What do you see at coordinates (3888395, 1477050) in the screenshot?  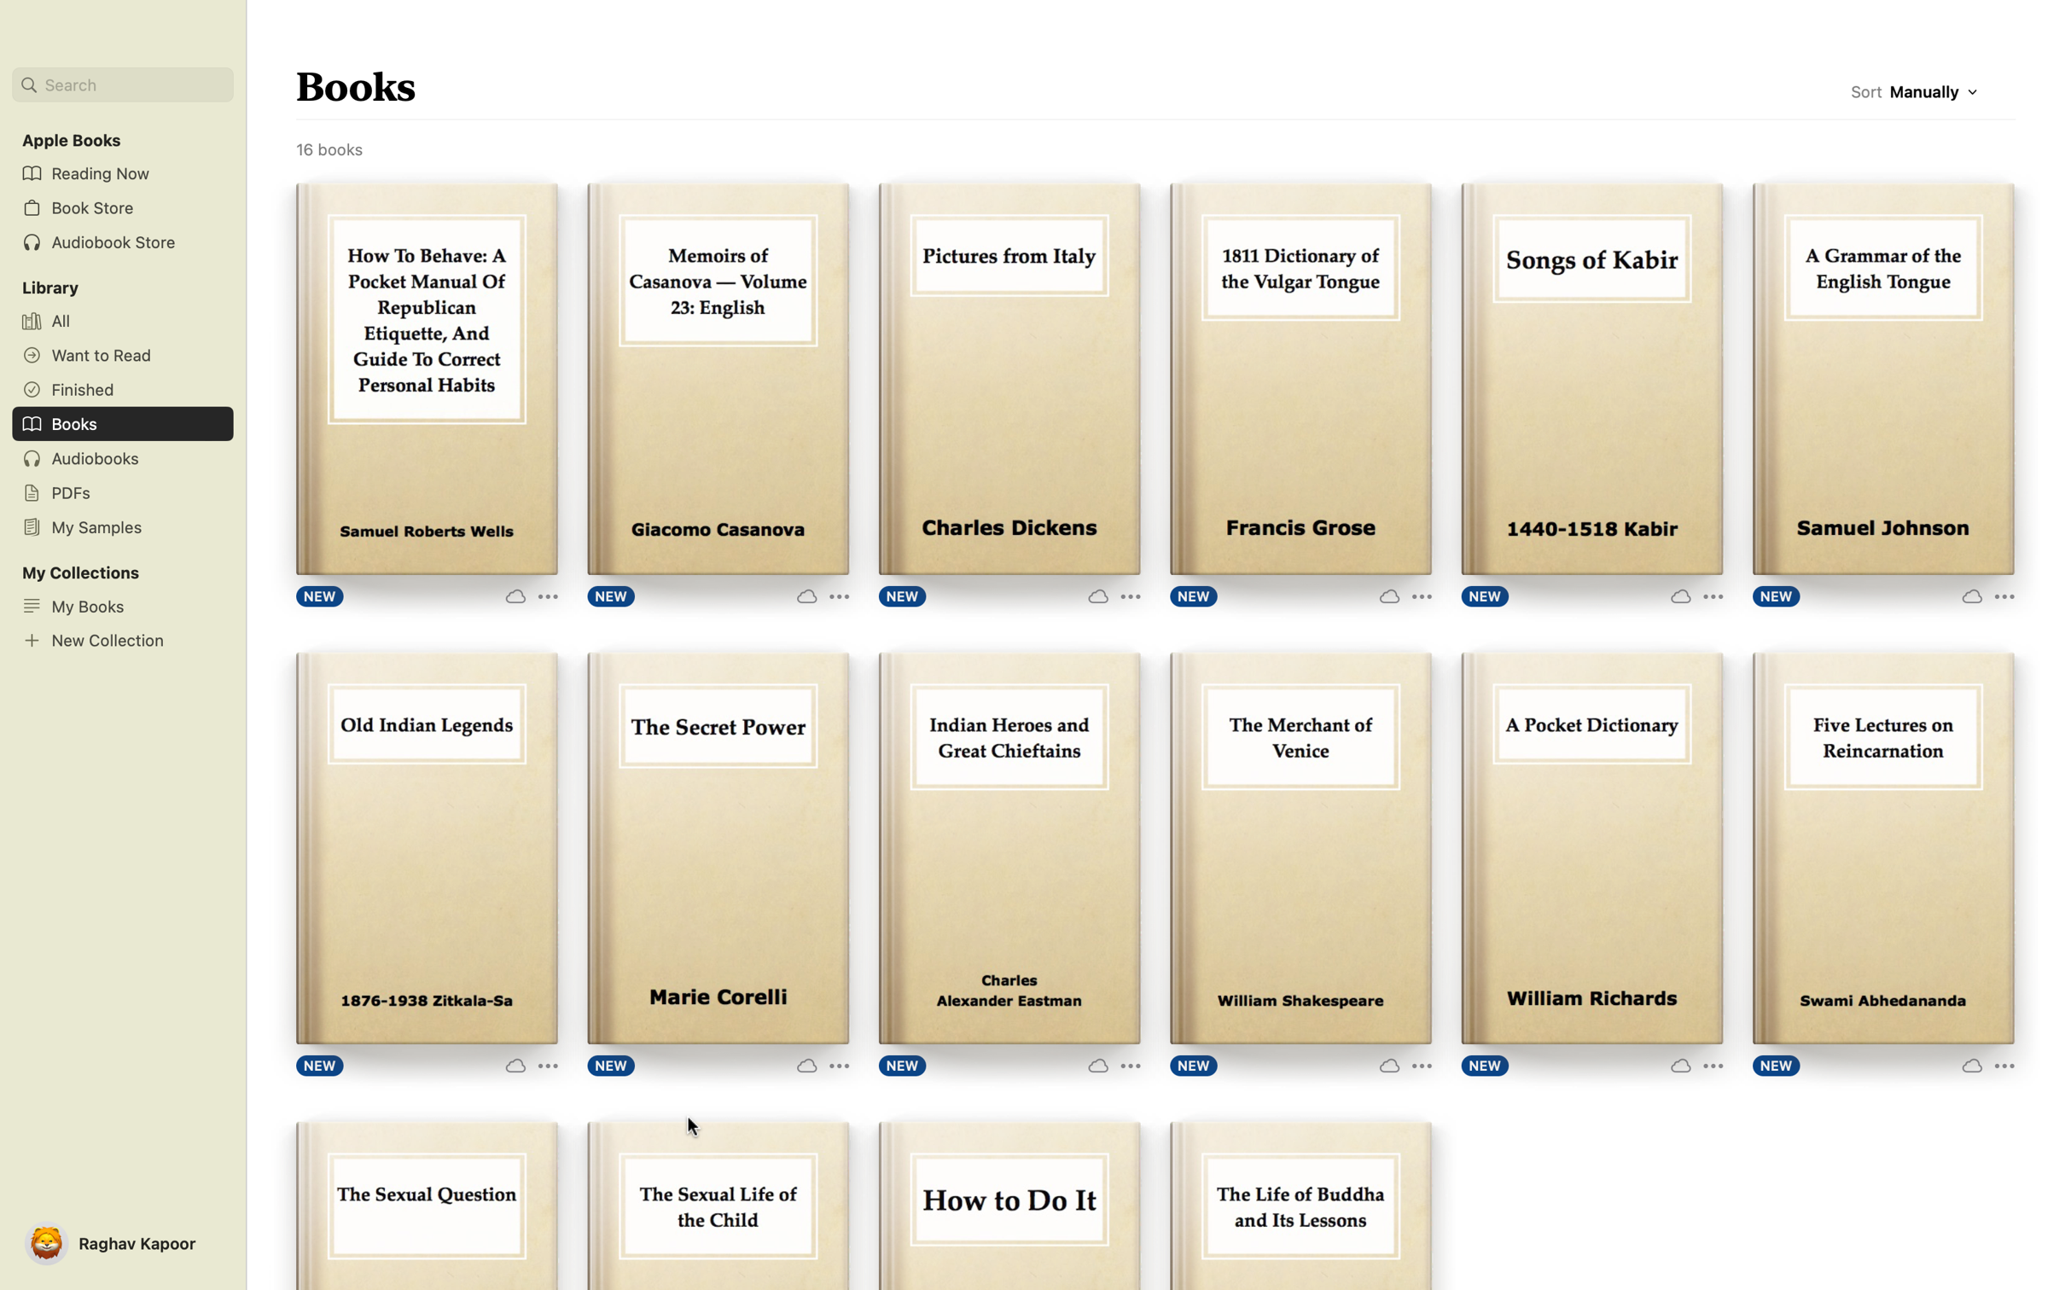 I see `Scroll down to unveil more volumes in the set` at bounding box center [3888395, 1477050].